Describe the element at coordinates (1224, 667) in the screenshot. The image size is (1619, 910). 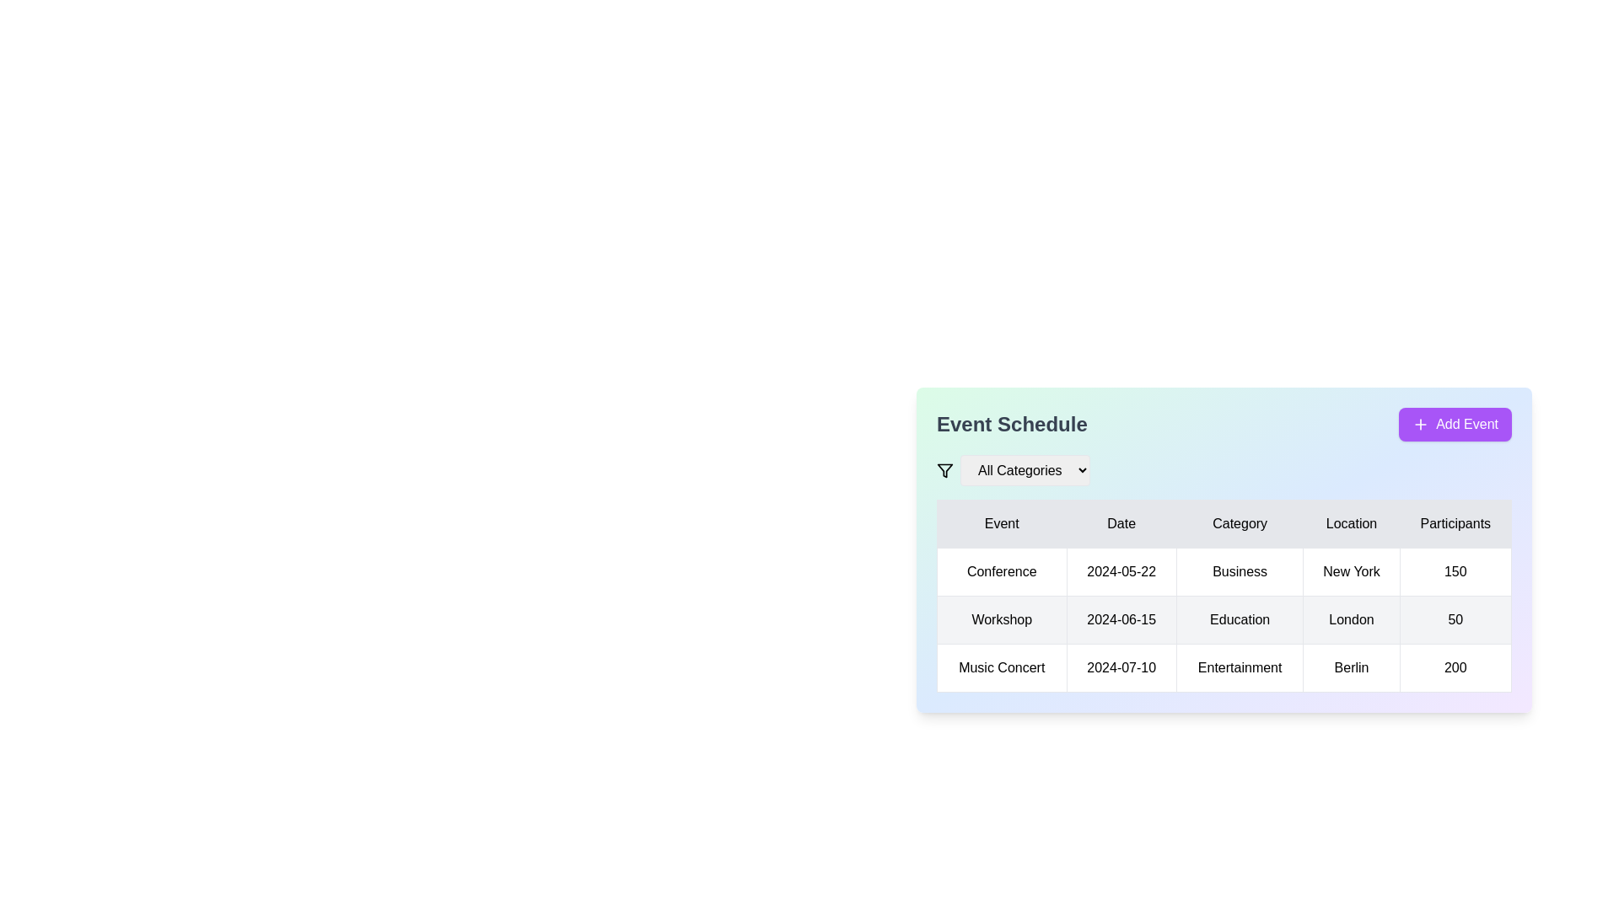
I see `the bottom-most row of the event schedule table` at that location.